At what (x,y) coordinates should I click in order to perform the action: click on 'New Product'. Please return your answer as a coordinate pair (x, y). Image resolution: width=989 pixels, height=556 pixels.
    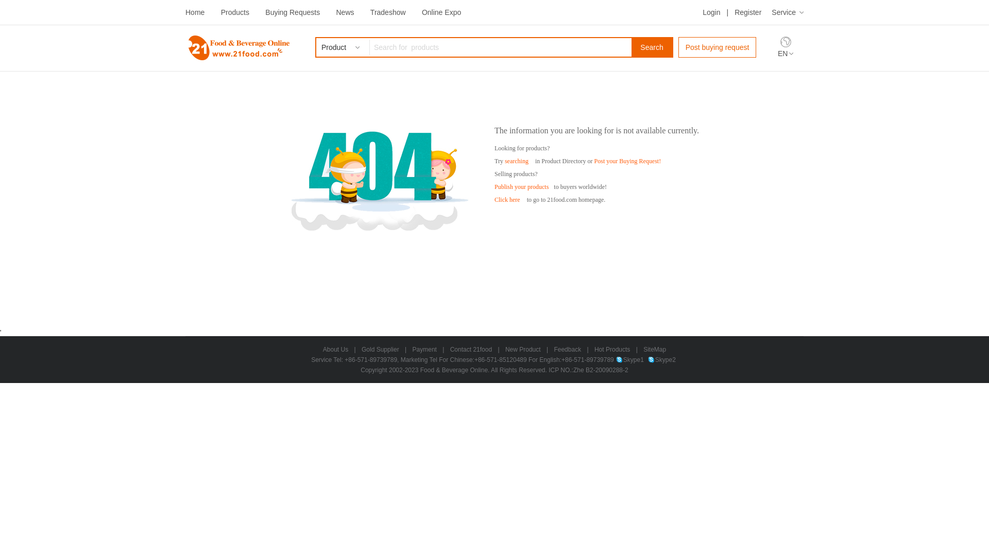
    Looking at the image, I should click on (523, 349).